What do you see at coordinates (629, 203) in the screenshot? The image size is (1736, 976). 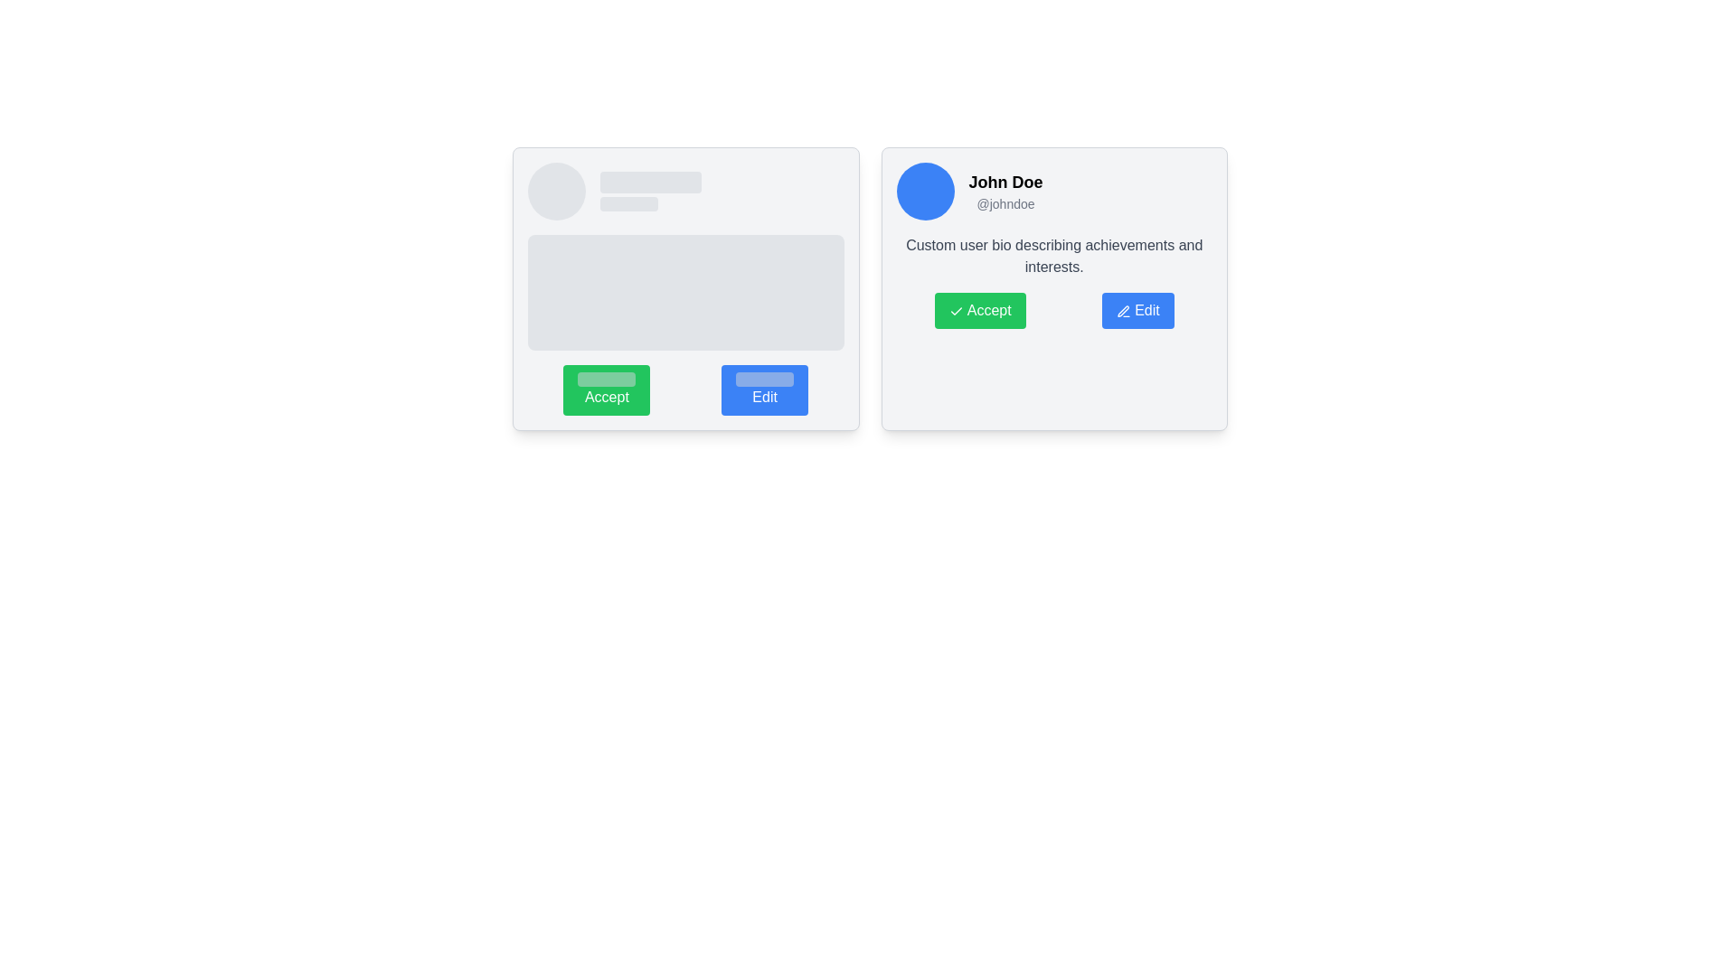 I see `the Placeholder block located in the top section of a card-like interface, which visually represents content not currently displayed, and is aligned horizontally centered below a longer rectangular element` at bounding box center [629, 203].